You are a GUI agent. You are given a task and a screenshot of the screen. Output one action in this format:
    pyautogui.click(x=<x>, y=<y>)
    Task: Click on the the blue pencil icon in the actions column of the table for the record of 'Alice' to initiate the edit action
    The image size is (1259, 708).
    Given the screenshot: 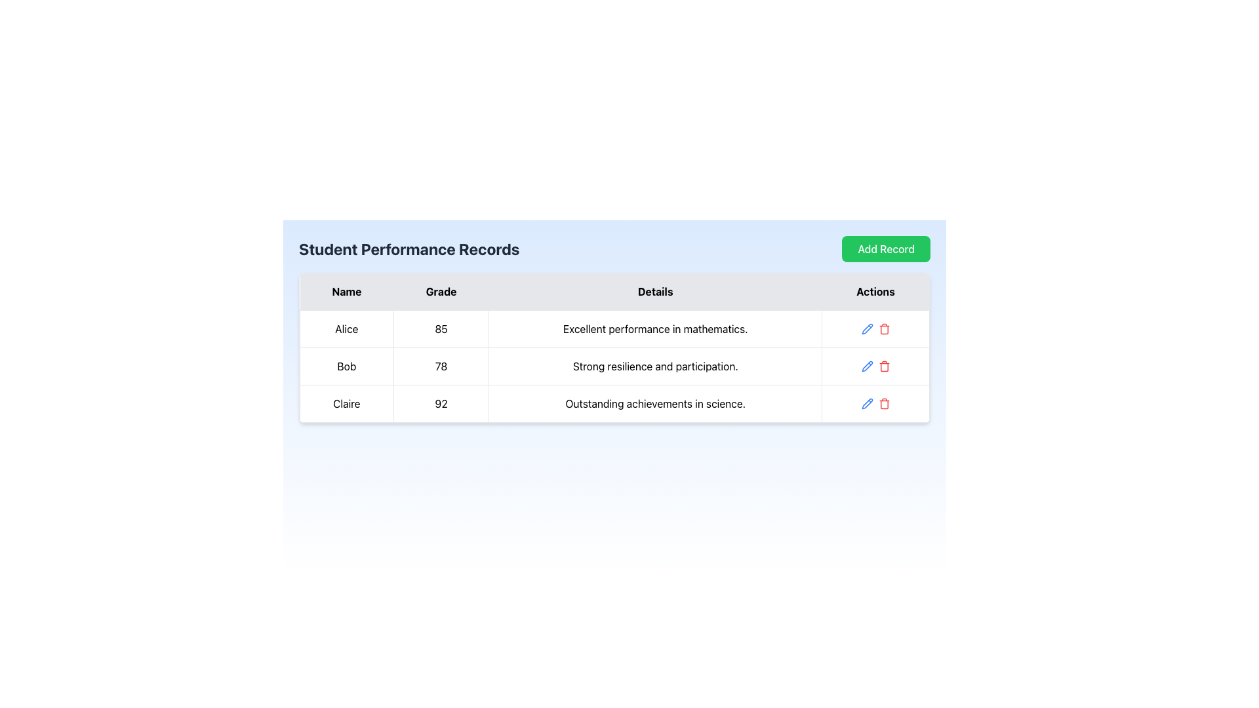 What is the action you would take?
    pyautogui.click(x=875, y=328)
    